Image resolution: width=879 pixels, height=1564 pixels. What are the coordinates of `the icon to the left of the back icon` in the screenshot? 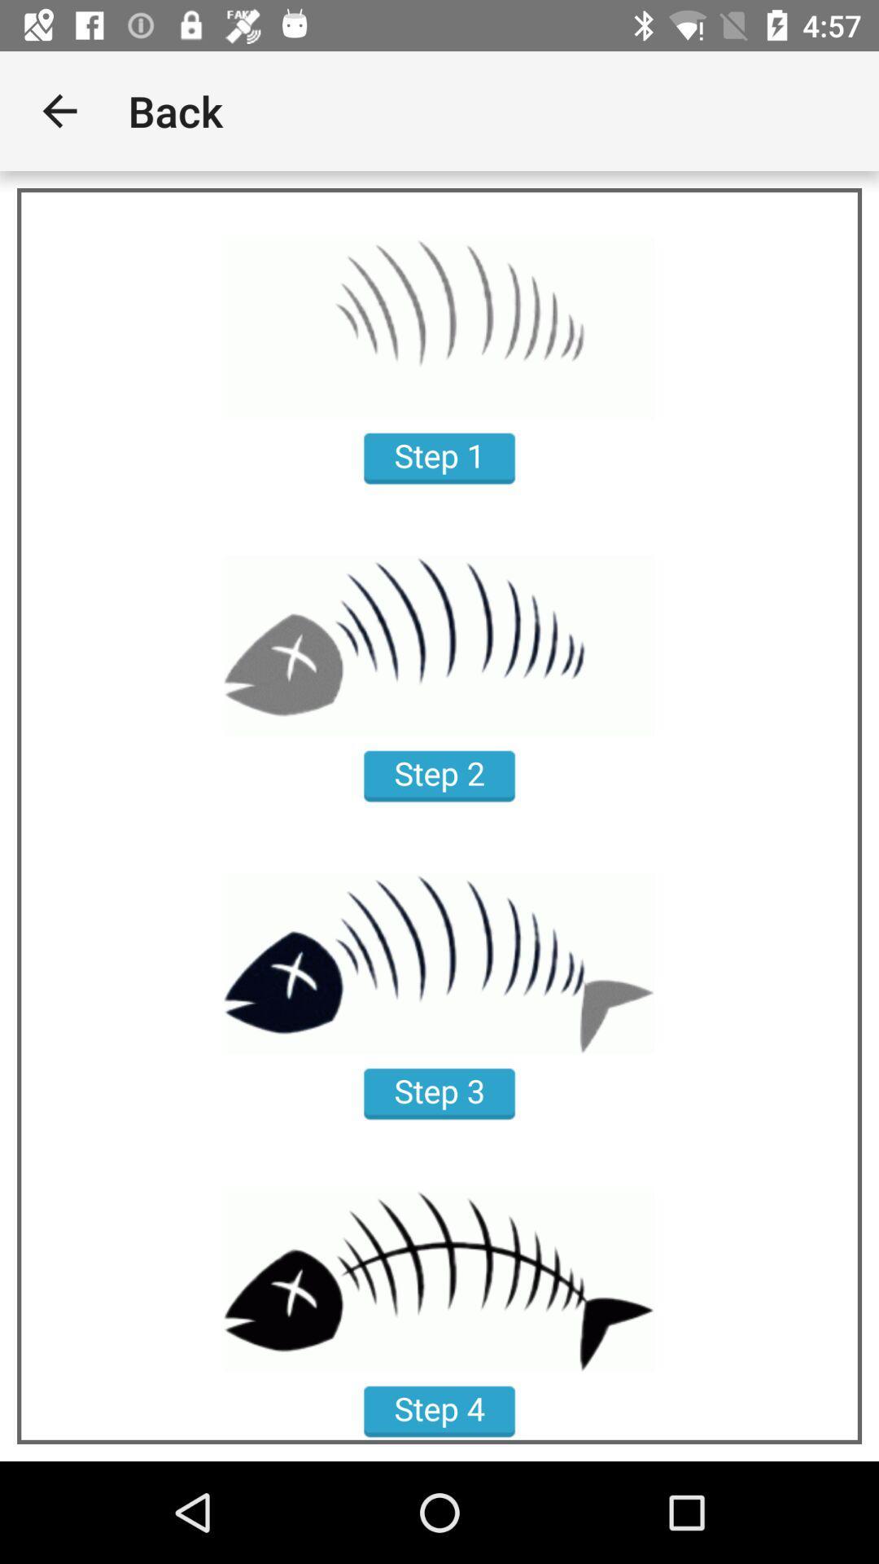 It's located at (59, 110).